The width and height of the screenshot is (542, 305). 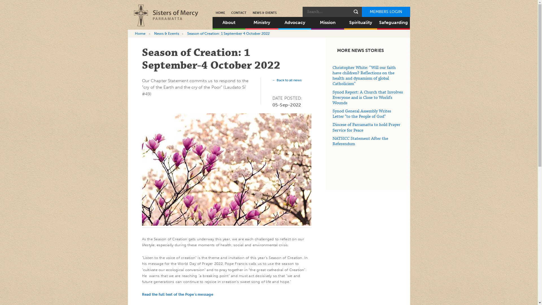 What do you see at coordinates (377, 22) in the screenshot?
I see `'Safeguarding'` at bounding box center [377, 22].